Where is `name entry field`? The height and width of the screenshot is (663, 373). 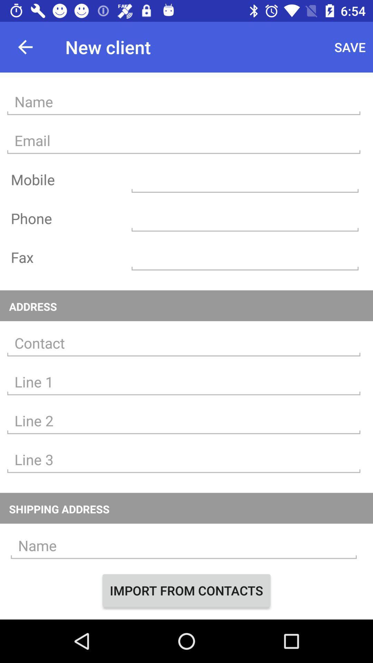
name entry field is located at coordinates (183, 102).